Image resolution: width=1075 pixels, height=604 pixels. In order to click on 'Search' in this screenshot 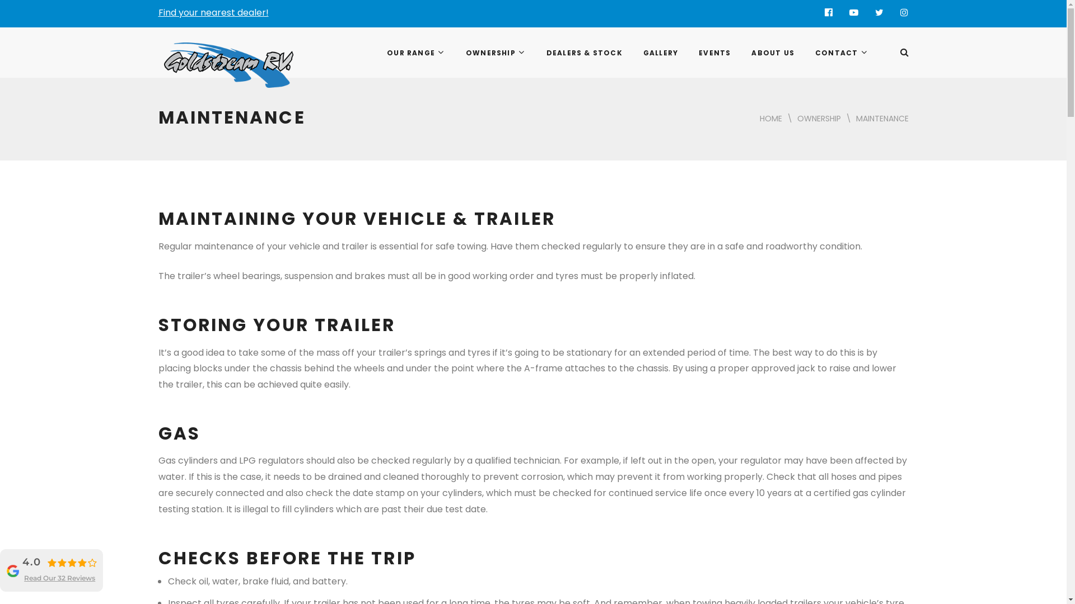, I will do `click(889, 86)`.